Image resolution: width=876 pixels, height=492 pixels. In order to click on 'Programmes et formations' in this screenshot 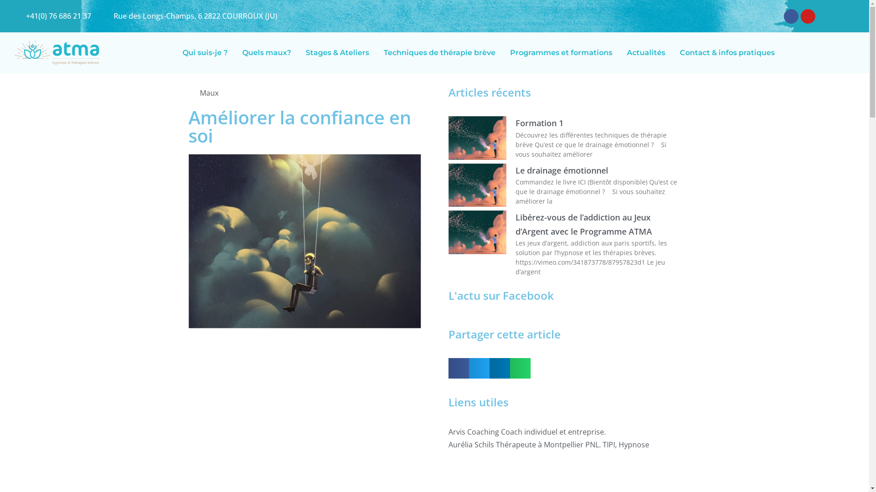, I will do `click(560, 52)`.